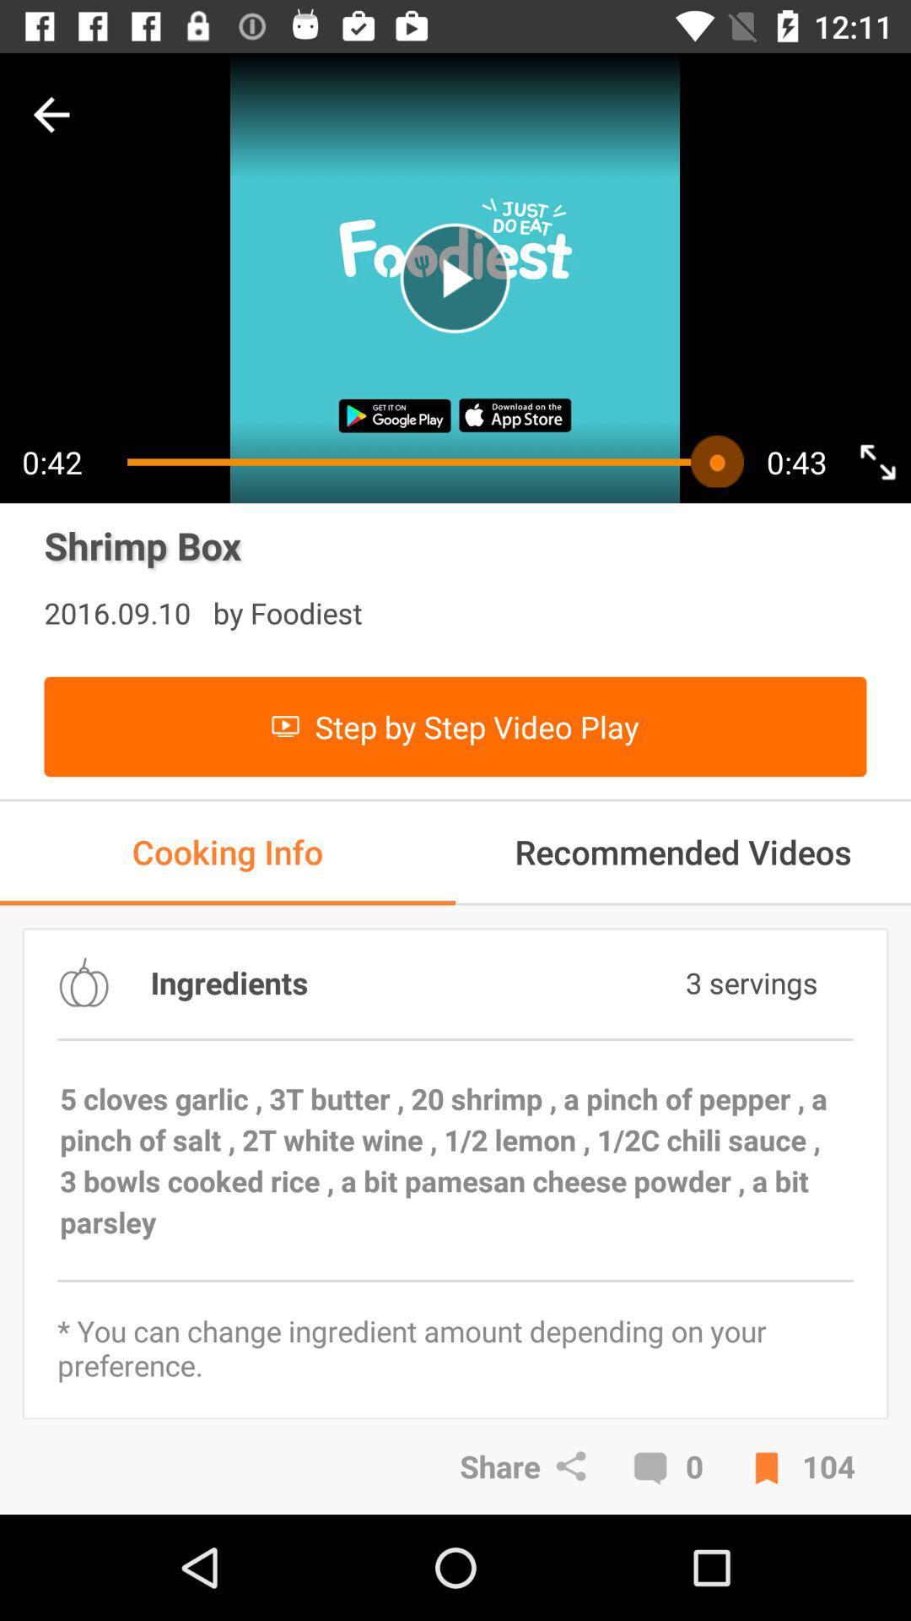  I want to click on playing the option, so click(454, 278).